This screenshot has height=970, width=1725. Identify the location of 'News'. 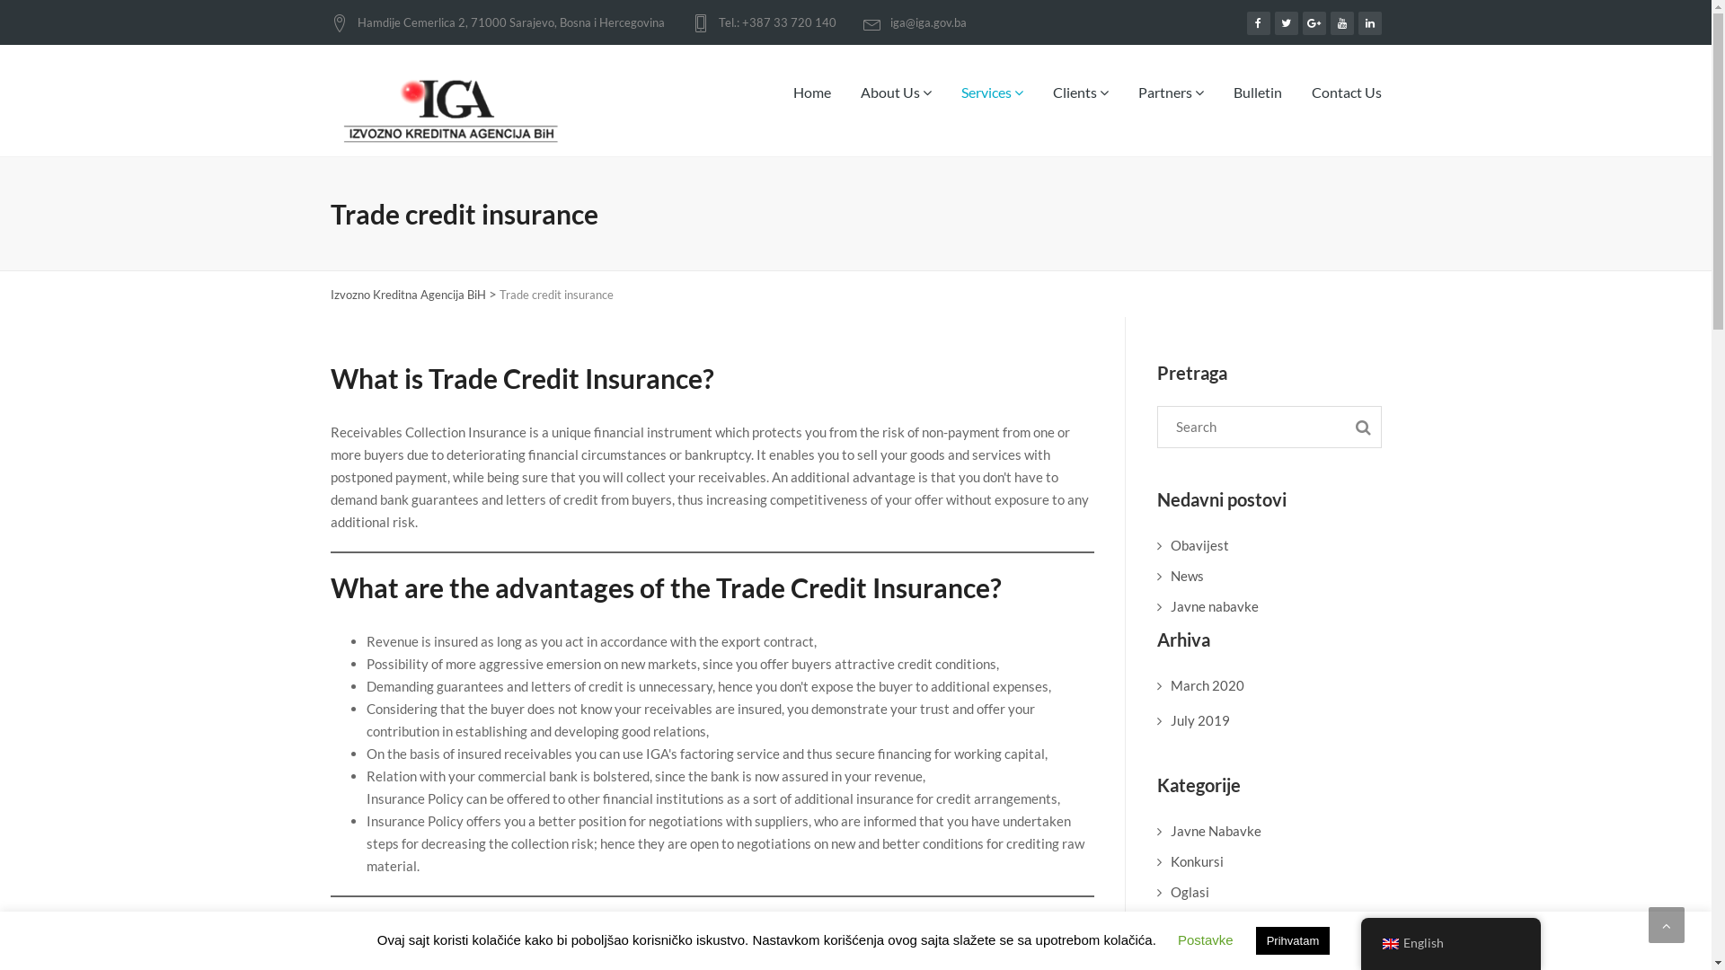
(1186, 575).